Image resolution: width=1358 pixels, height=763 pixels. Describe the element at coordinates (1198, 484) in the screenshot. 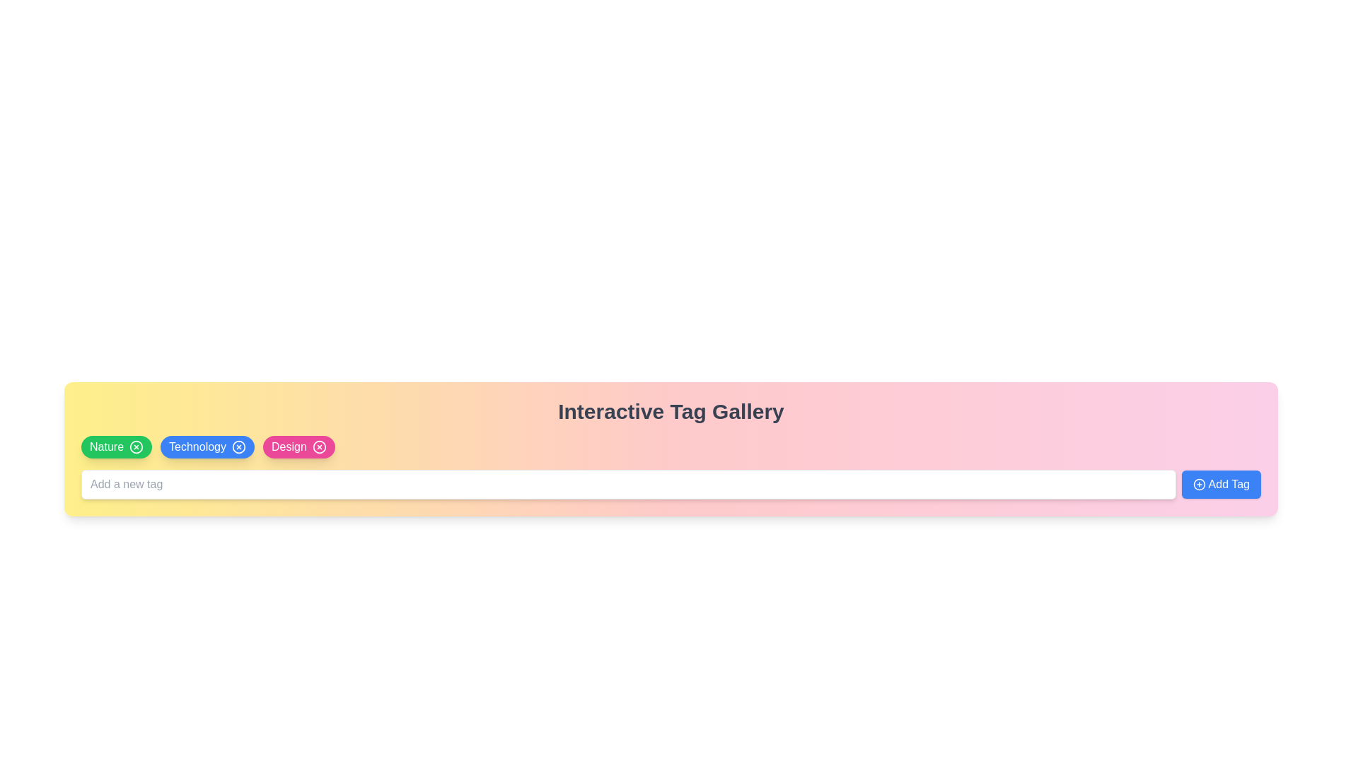

I see `the blue circular icon with a red plus sign located at the far right of the 'Add Tag' button` at that location.